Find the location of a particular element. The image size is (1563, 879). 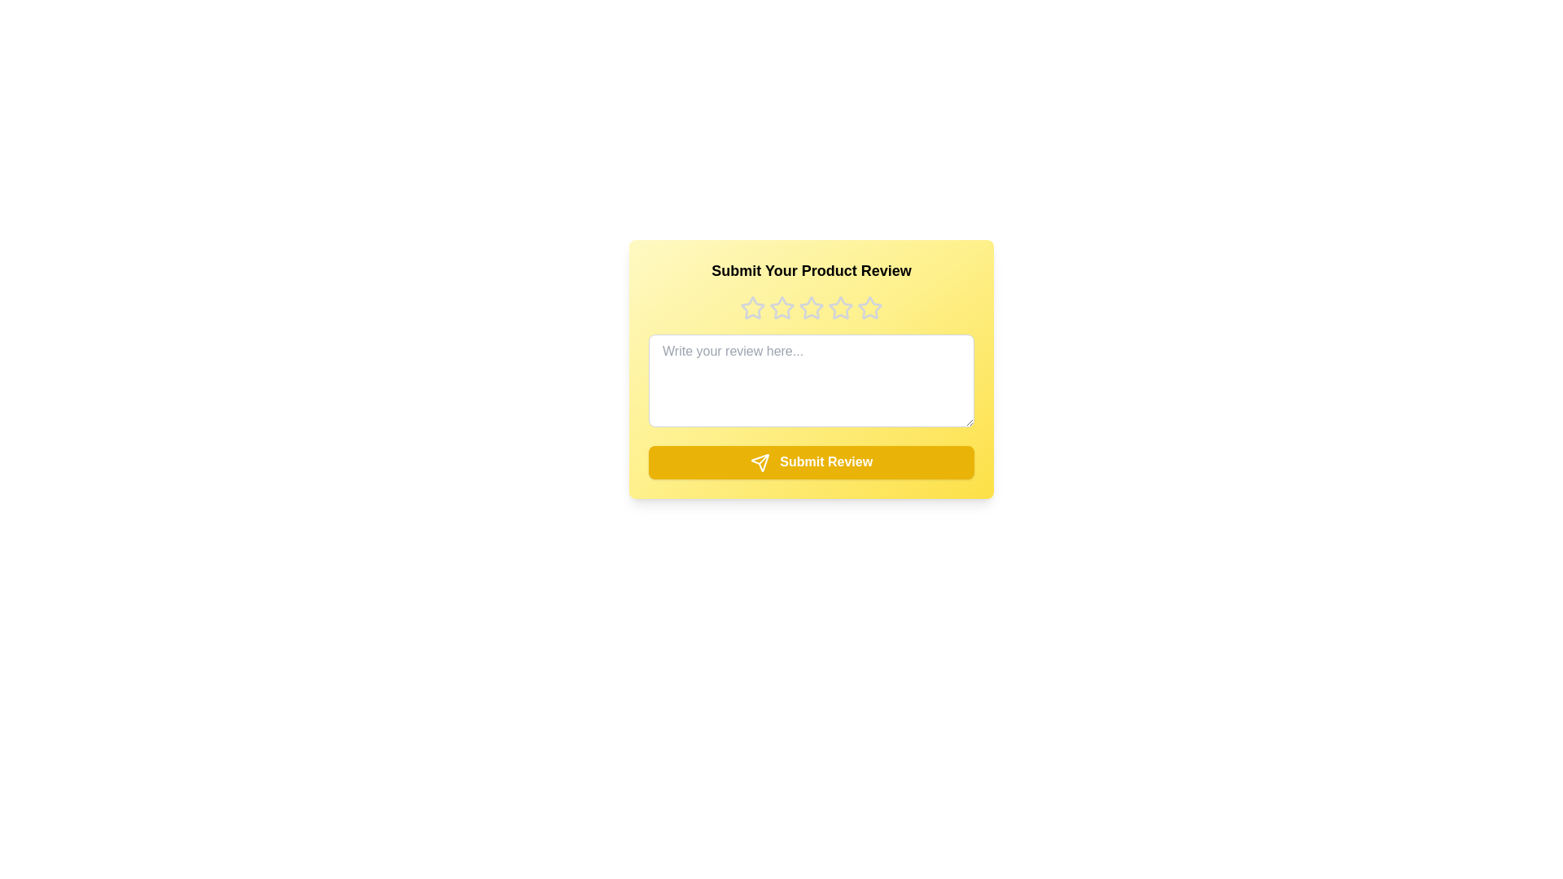

the first star icon in the rating system to indicate selection is located at coordinates (752, 308).